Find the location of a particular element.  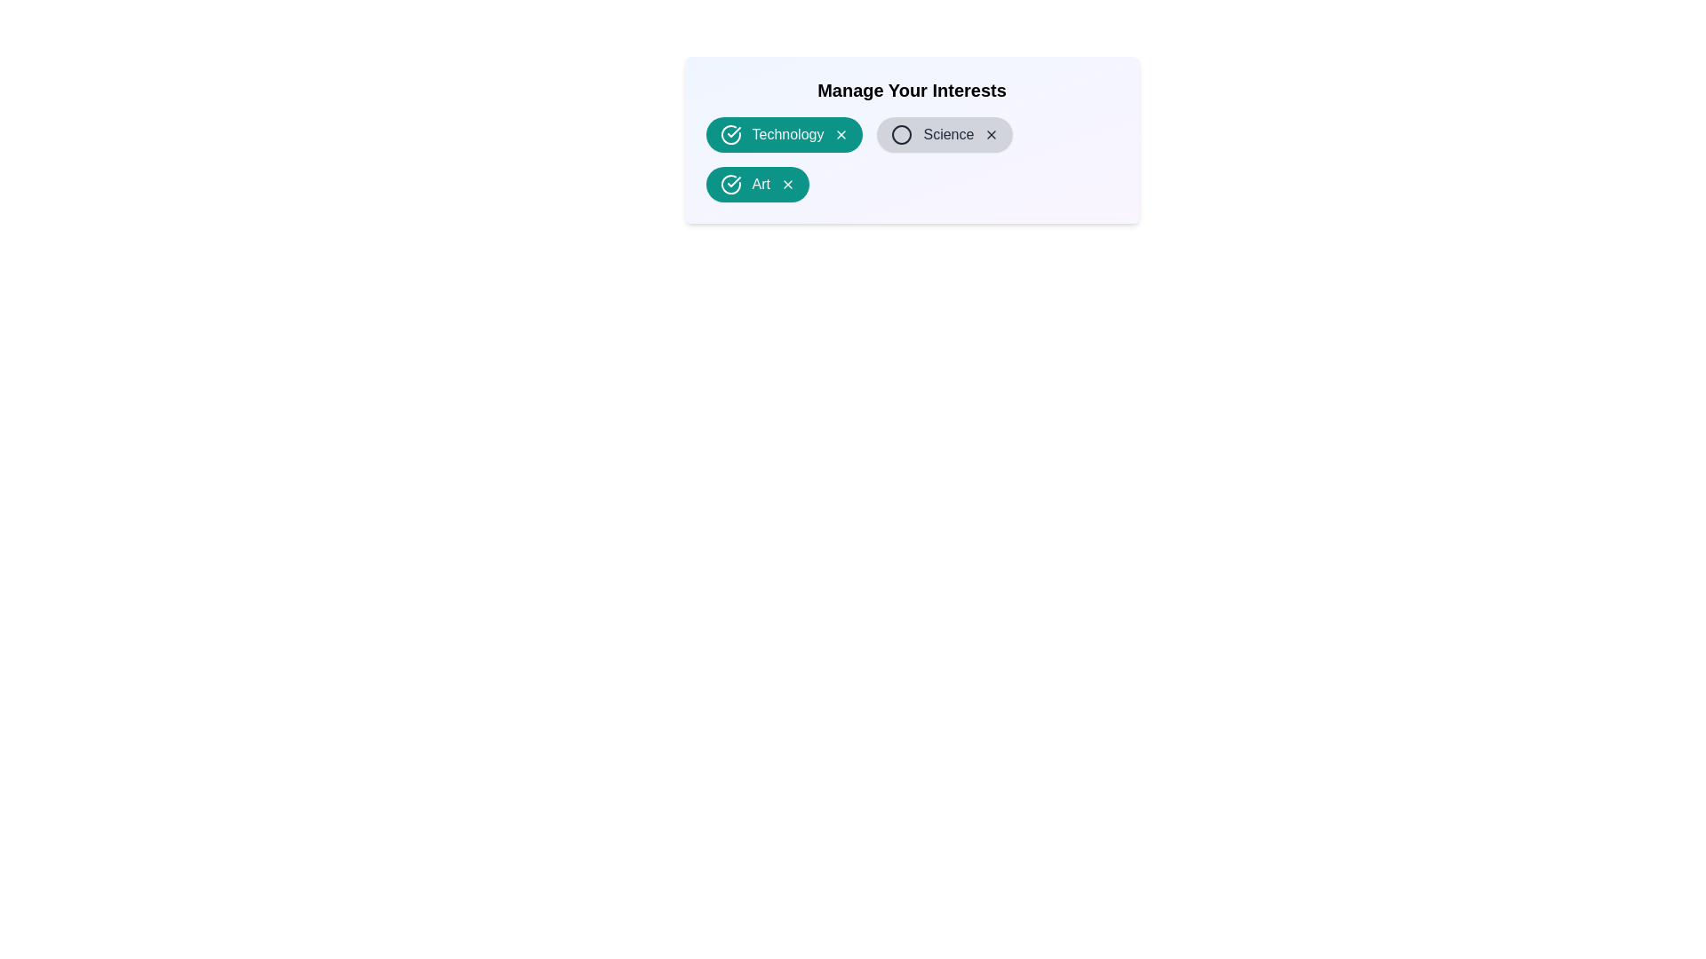

the tag labeled Art by clicking the close (X) icon next to it is located at coordinates (787, 185).